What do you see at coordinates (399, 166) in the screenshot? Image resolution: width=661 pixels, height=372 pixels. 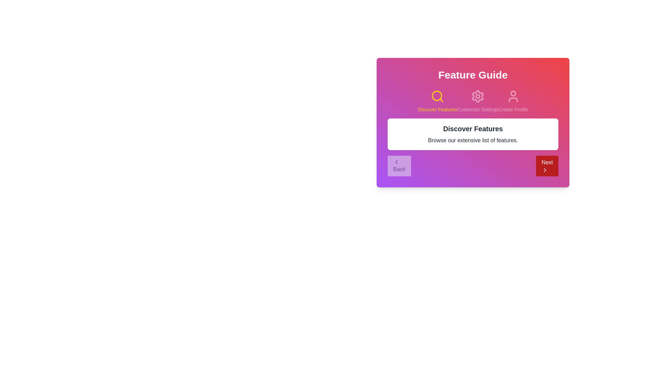 I see `the 'Back' button to navigate to the previous step` at bounding box center [399, 166].